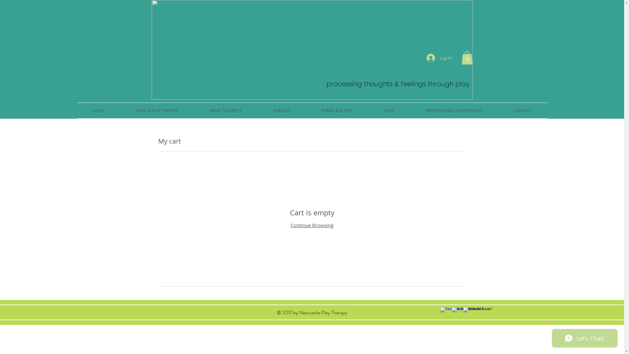 The width and height of the screenshot is (629, 354). What do you see at coordinates (368, 110) in the screenshot?
I see `'SHOP'` at bounding box center [368, 110].